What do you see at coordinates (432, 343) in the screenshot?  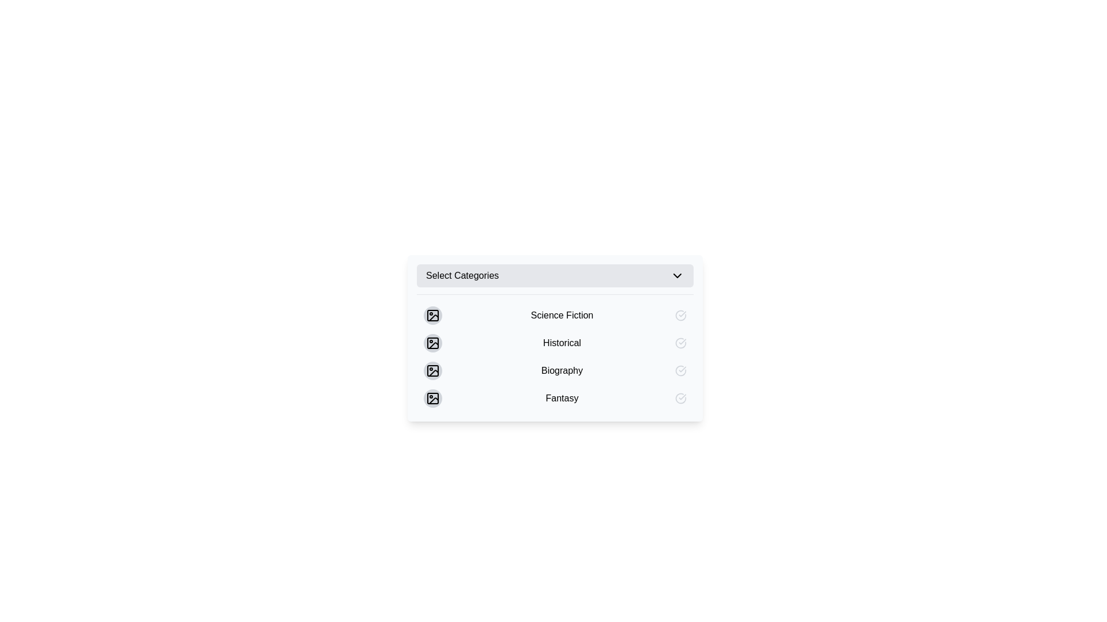 I see `the circular gray Icon Button containing a photograph icon, which is positioned to the left of the 'Historical' label` at bounding box center [432, 343].